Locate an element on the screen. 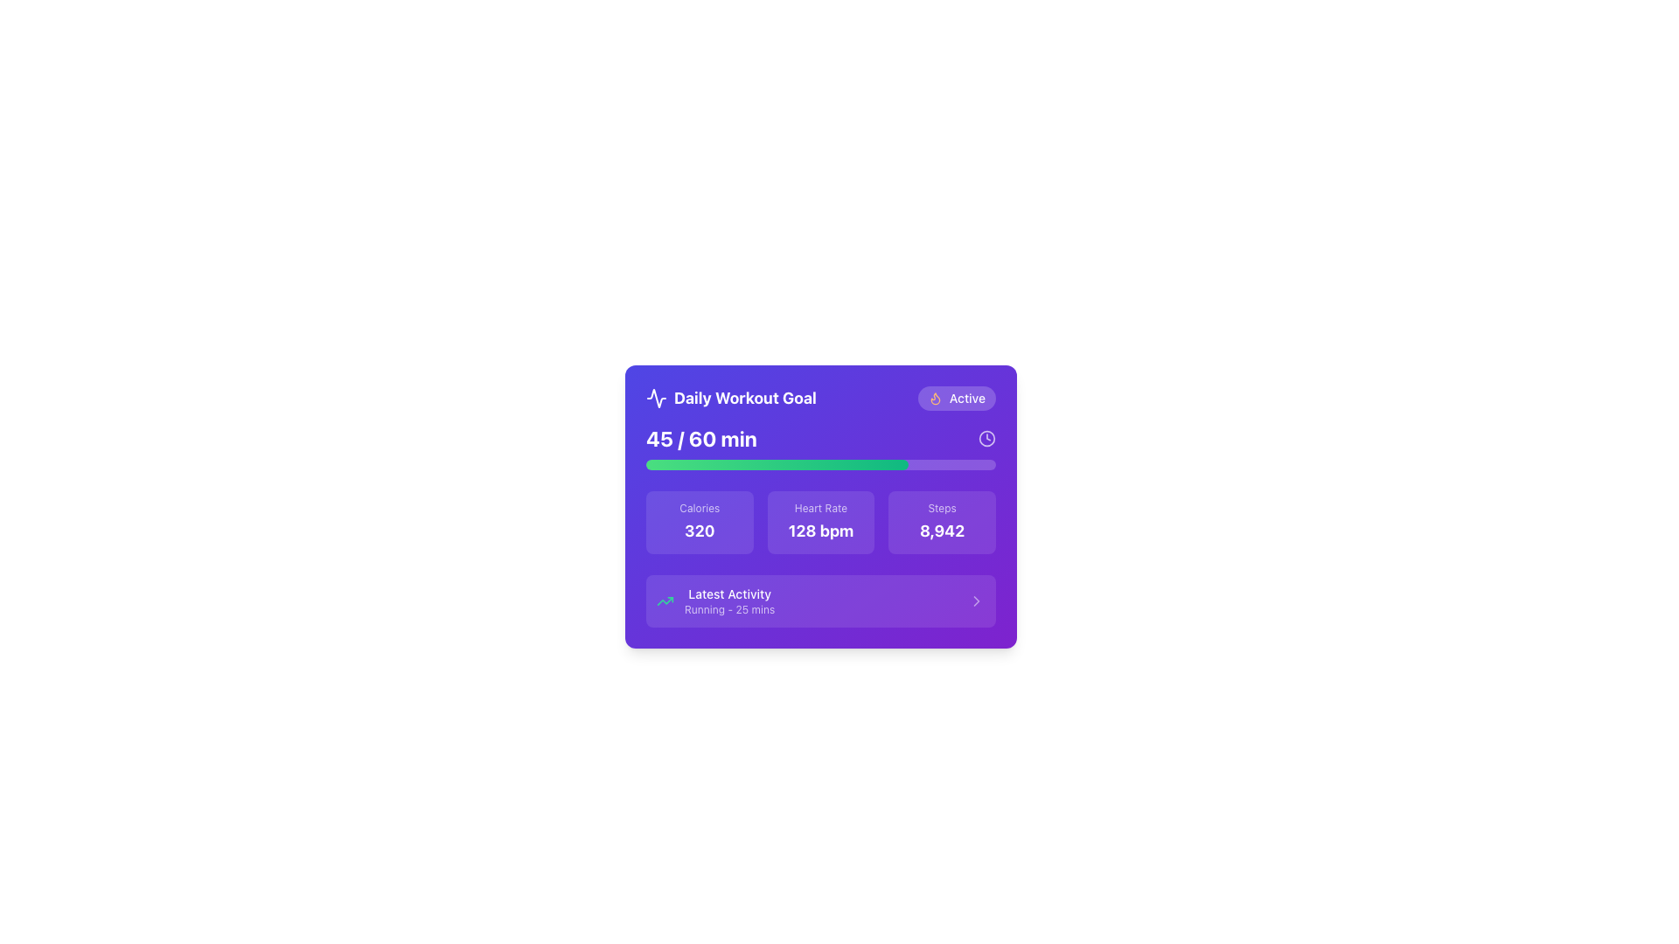 The width and height of the screenshot is (1679, 944). displayed information from the 'Latest Activity' text block, which is located in the bottom-left quadrant of a purple card, featuring an upwards trending green arrow icon on the left is located at coordinates (715, 600).